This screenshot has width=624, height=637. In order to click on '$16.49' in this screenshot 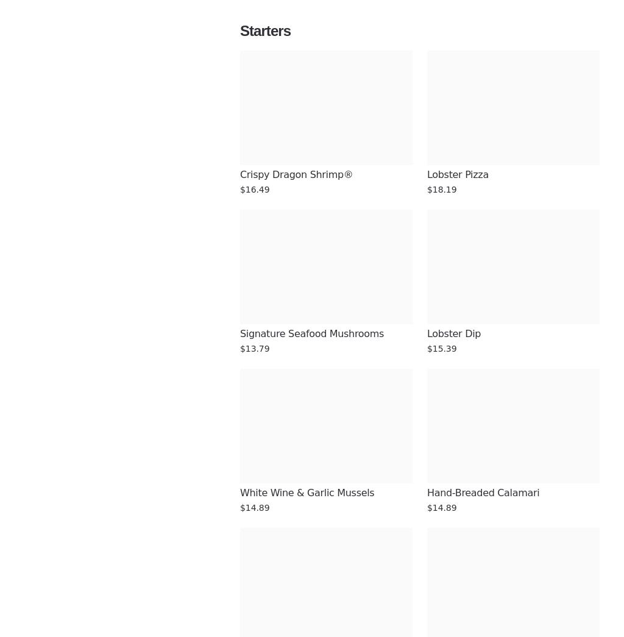, I will do `click(253, 189)`.